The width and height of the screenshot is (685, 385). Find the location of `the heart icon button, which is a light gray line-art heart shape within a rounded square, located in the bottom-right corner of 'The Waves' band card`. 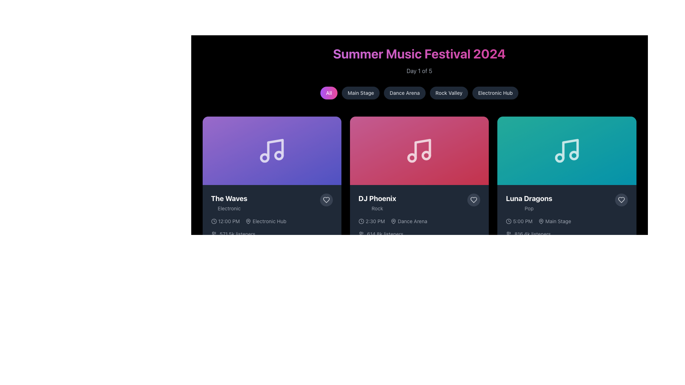

the heart icon button, which is a light gray line-art heart shape within a rounded square, located in the bottom-right corner of 'The Waves' band card is located at coordinates (326, 200).